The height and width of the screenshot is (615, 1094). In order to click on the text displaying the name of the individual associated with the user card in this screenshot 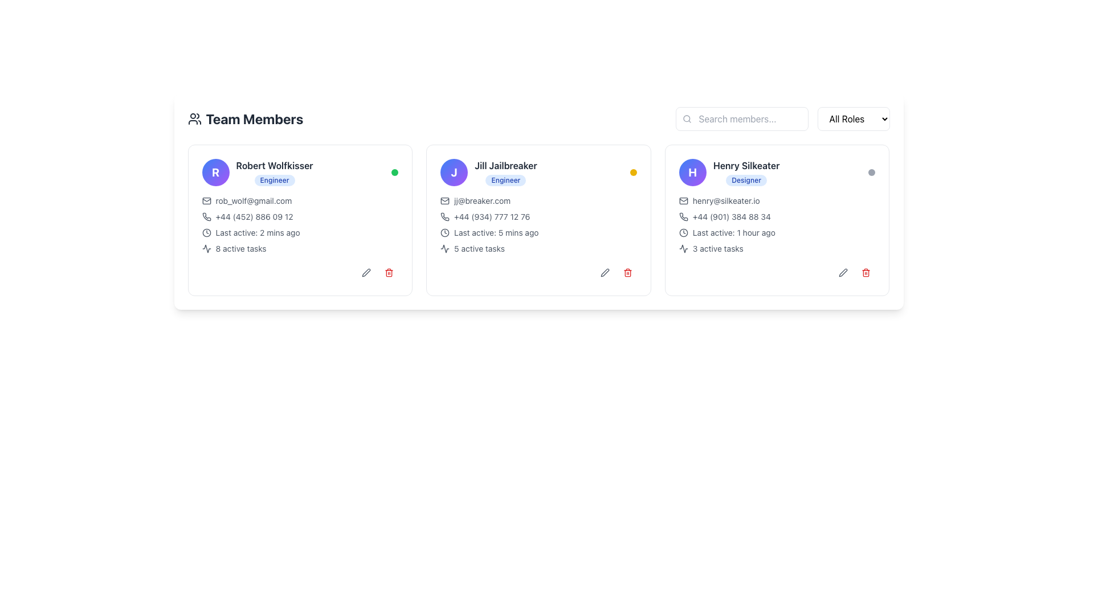, I will do `click(746, 165)`.